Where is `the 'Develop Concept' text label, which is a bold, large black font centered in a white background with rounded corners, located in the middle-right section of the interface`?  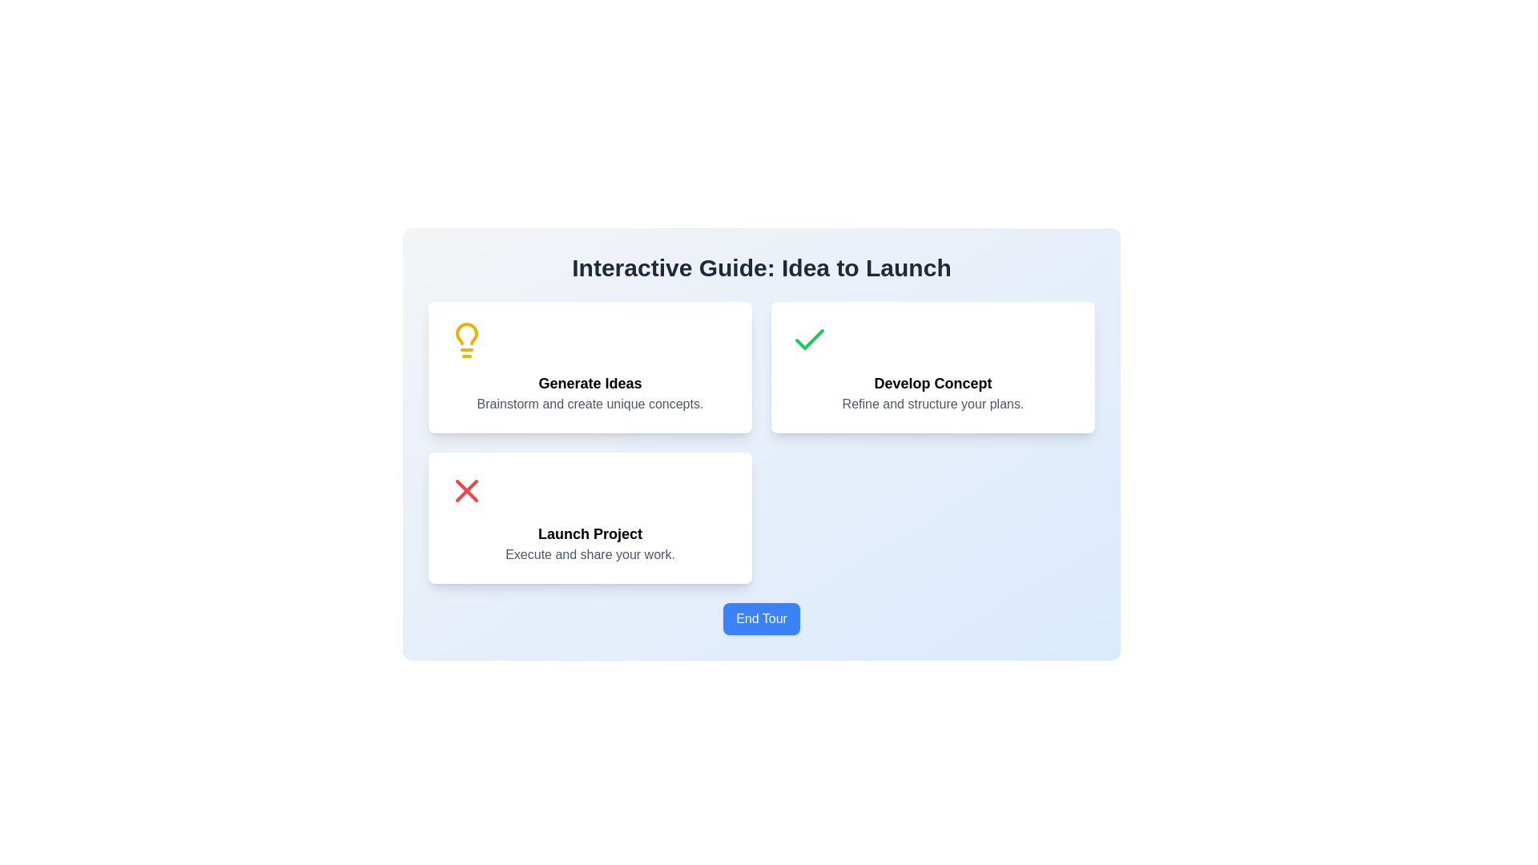
the 'Develop Concept' text label, which is a bold, large black font centered in a white background with rounded corners, located in the middle-right section of the interface is located at coordinates (933, 383).